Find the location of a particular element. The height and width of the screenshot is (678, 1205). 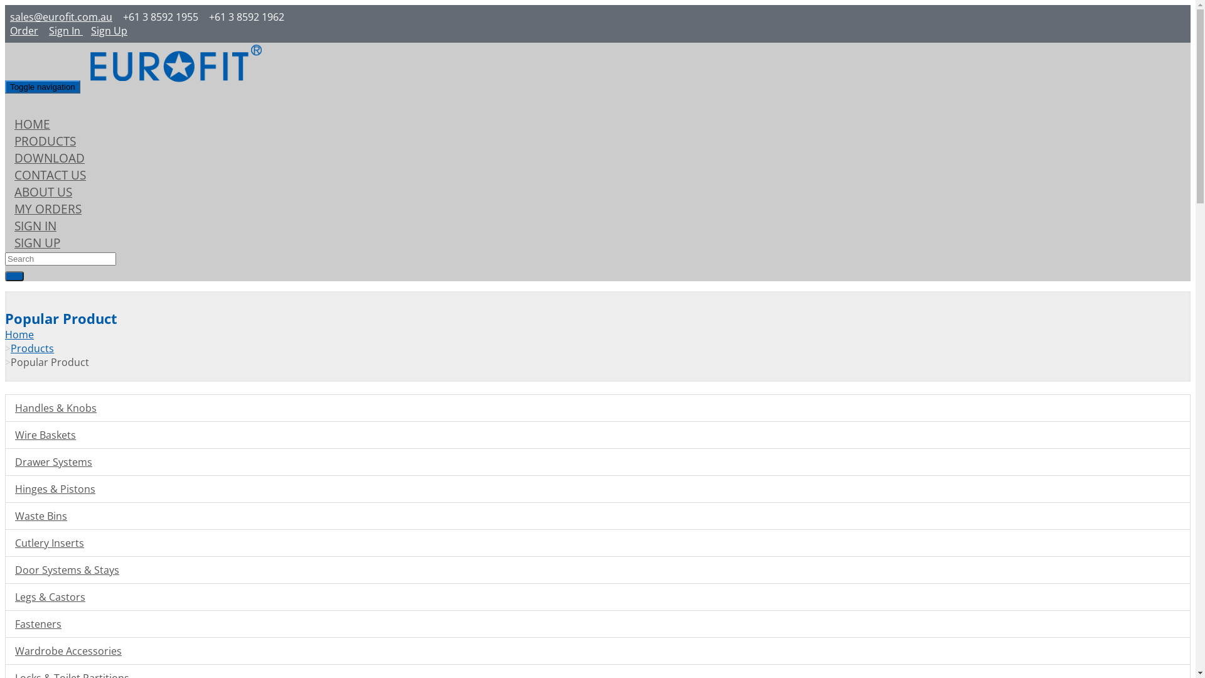

'Toggle navigation' is located at coordinates (42, 86).